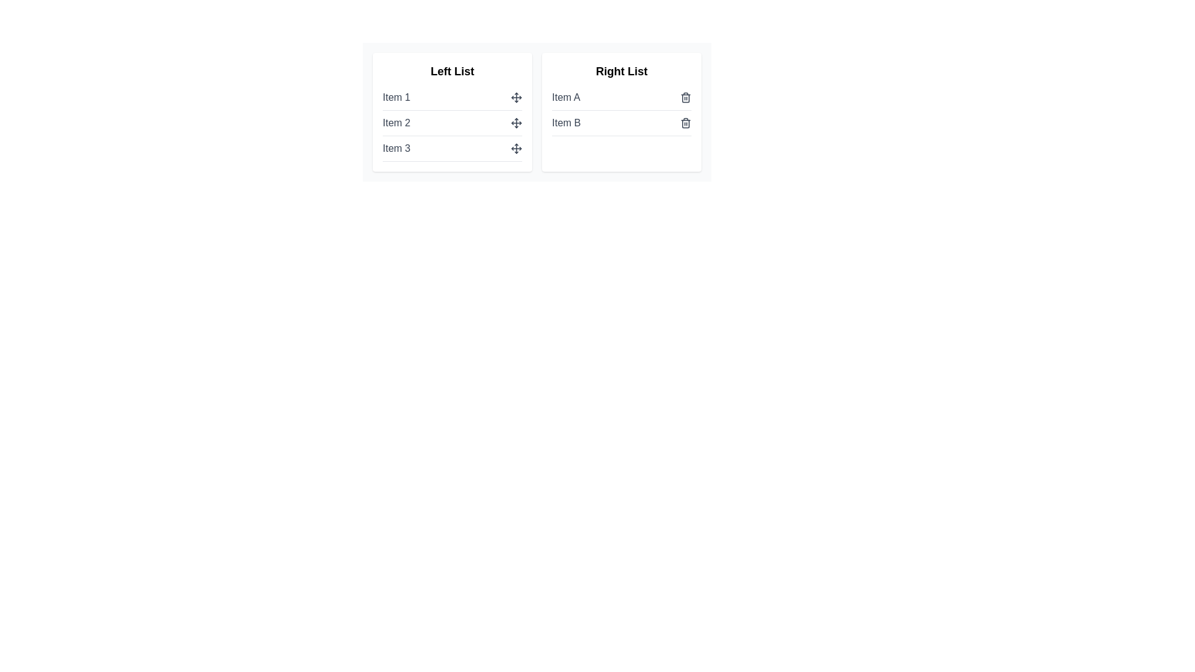 The width and height of the screenshot is (1195, 672). Describe the element at coordinates (451, 72) in the screenshot. I see `the titles of the lists to inspect their text content` at that location.